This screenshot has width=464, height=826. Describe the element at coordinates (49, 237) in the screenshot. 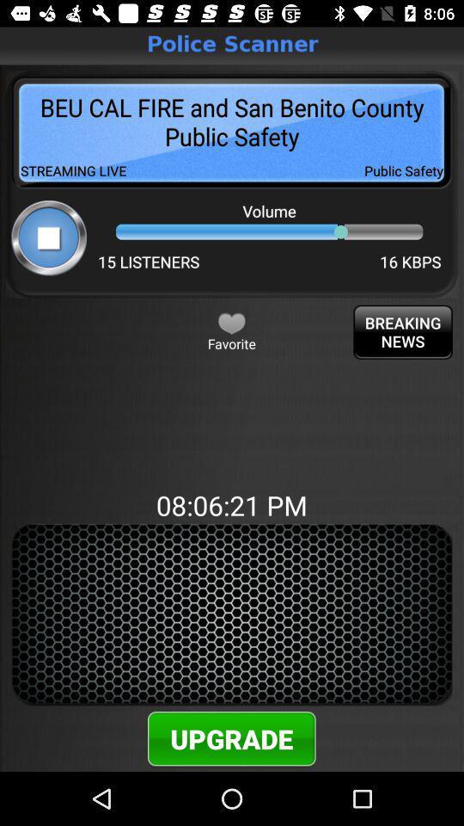

I see `stop playing` at that location.